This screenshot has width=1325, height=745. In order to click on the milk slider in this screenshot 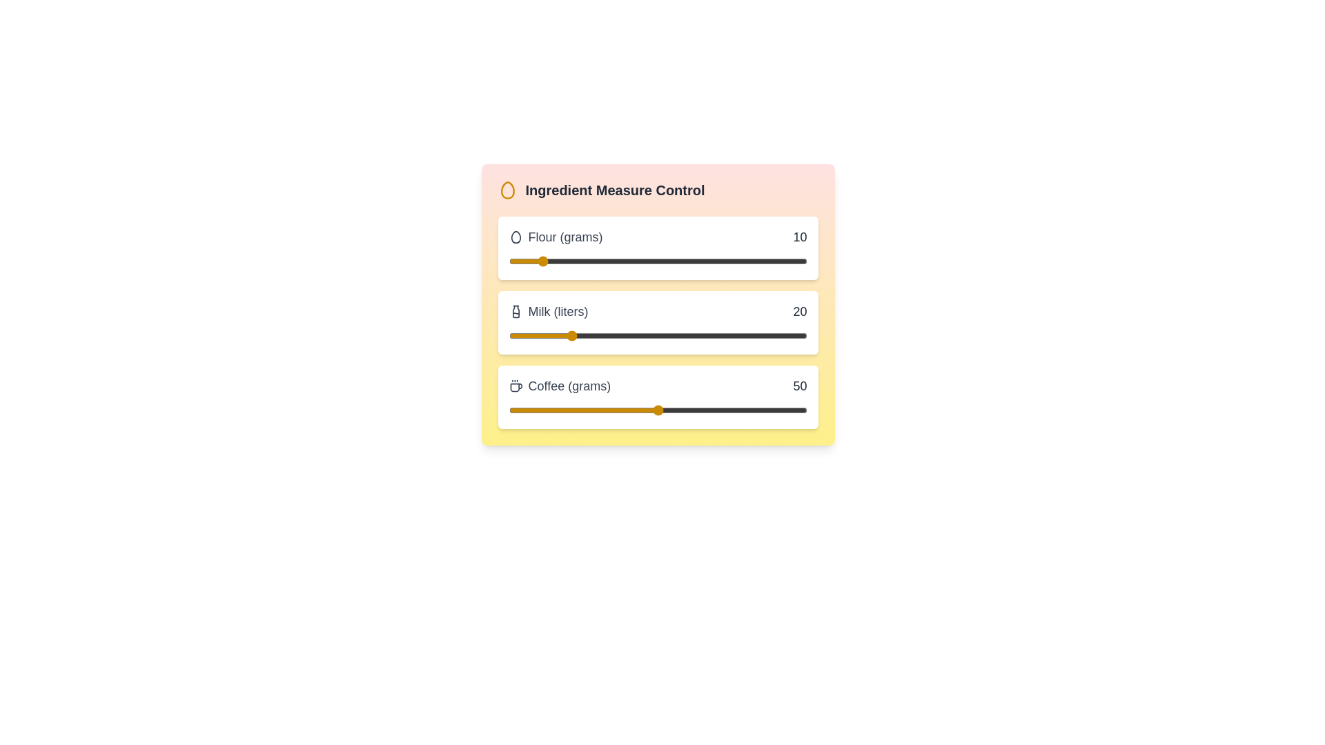, I will do `click(786, 335)`.